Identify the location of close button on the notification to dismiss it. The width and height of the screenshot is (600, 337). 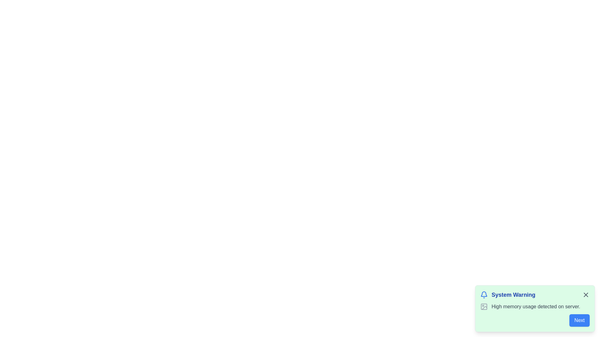
(586, 295).